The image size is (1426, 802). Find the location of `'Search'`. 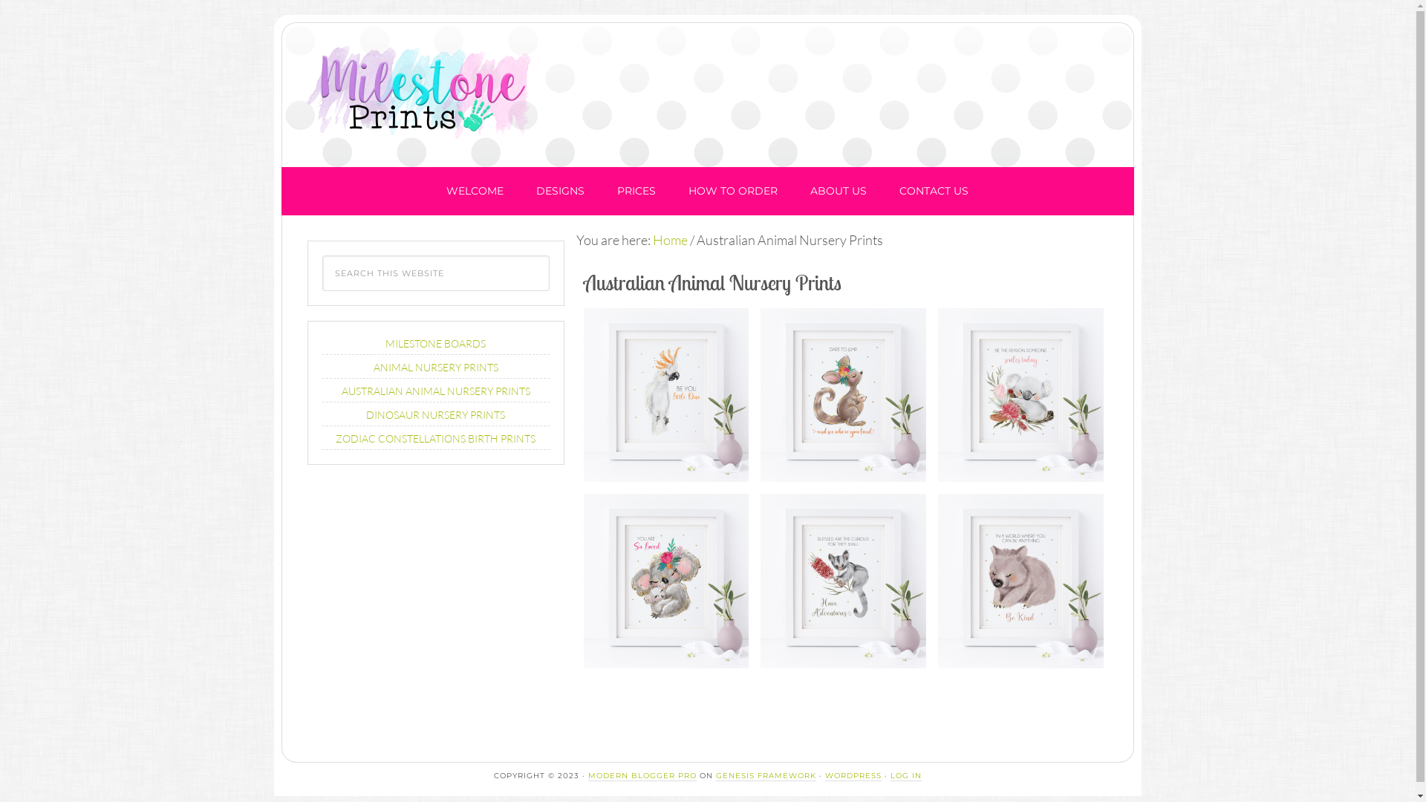

'Search' is located at coordinates (547, 254).